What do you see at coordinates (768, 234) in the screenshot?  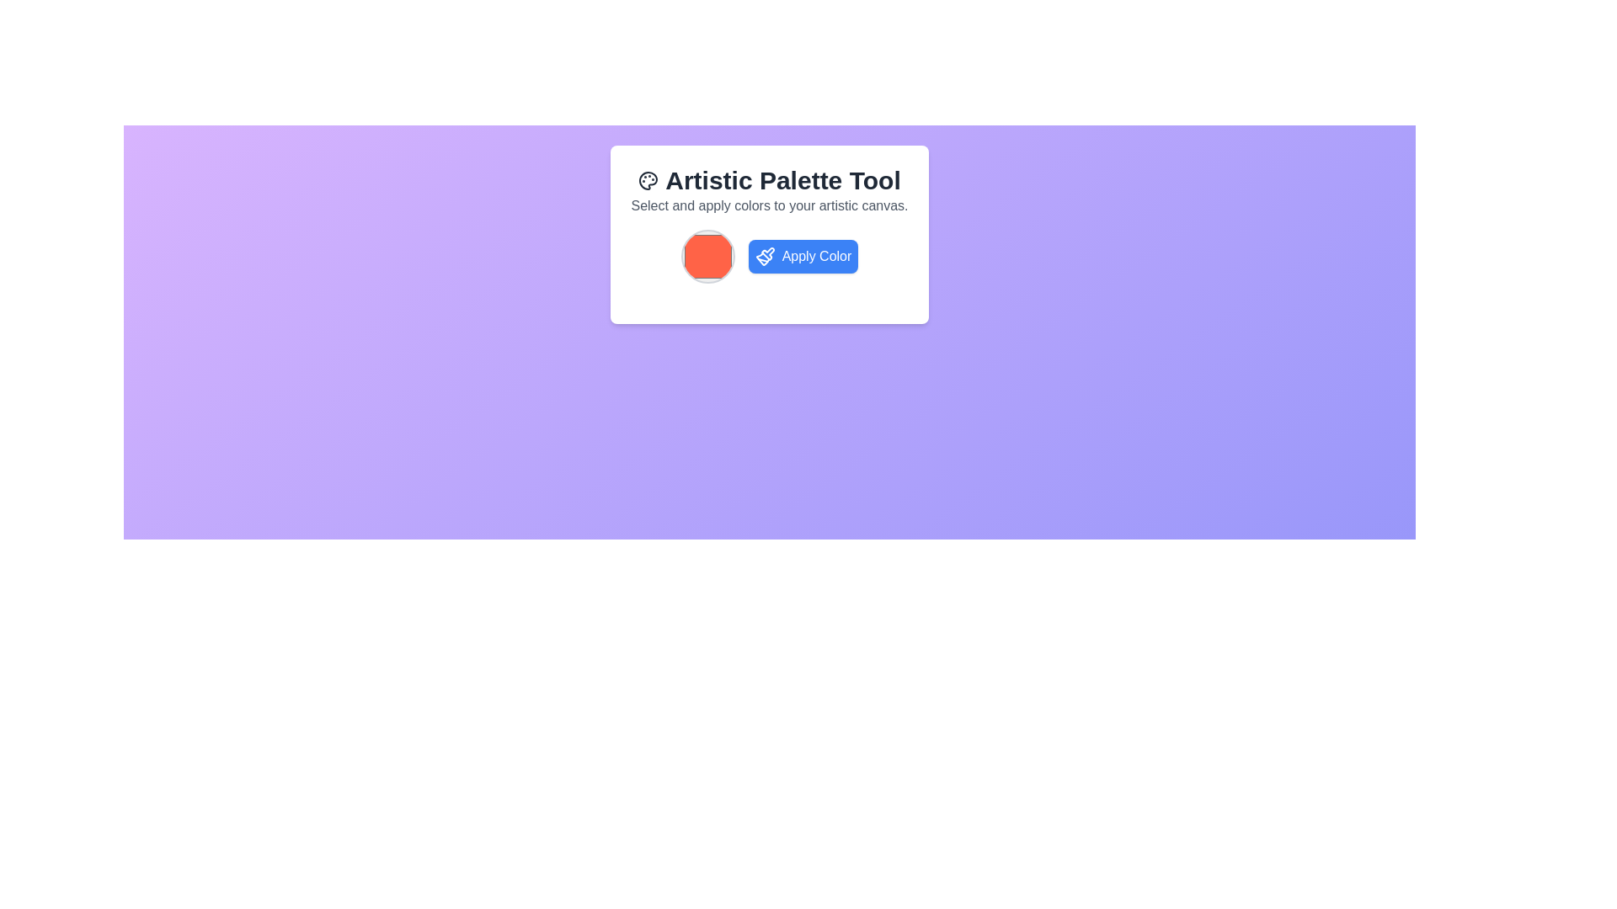 I see `the title of the informational panel which allows for color selection and application` at bounding box center [768, 234].